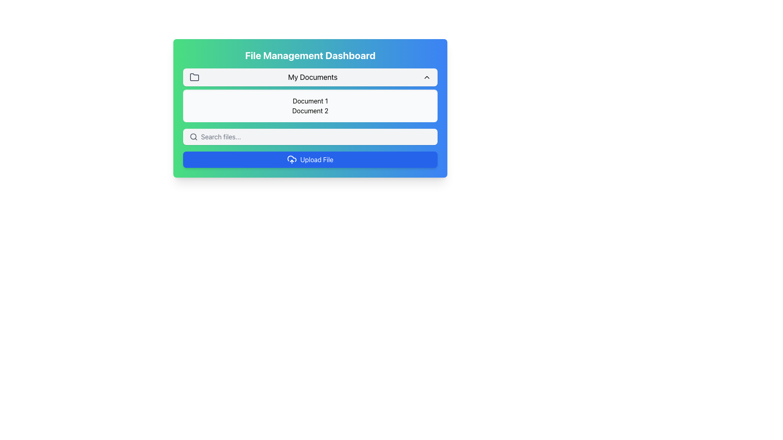 The width and height of the screenshot is (783, 440). Describe the element at coordinates (292, 160) in the screenshot. I see `the SVG Icon that visually represents the upload functionality of the 'Upload File' button located at the lower section of the File Management Dashboard` at that location.